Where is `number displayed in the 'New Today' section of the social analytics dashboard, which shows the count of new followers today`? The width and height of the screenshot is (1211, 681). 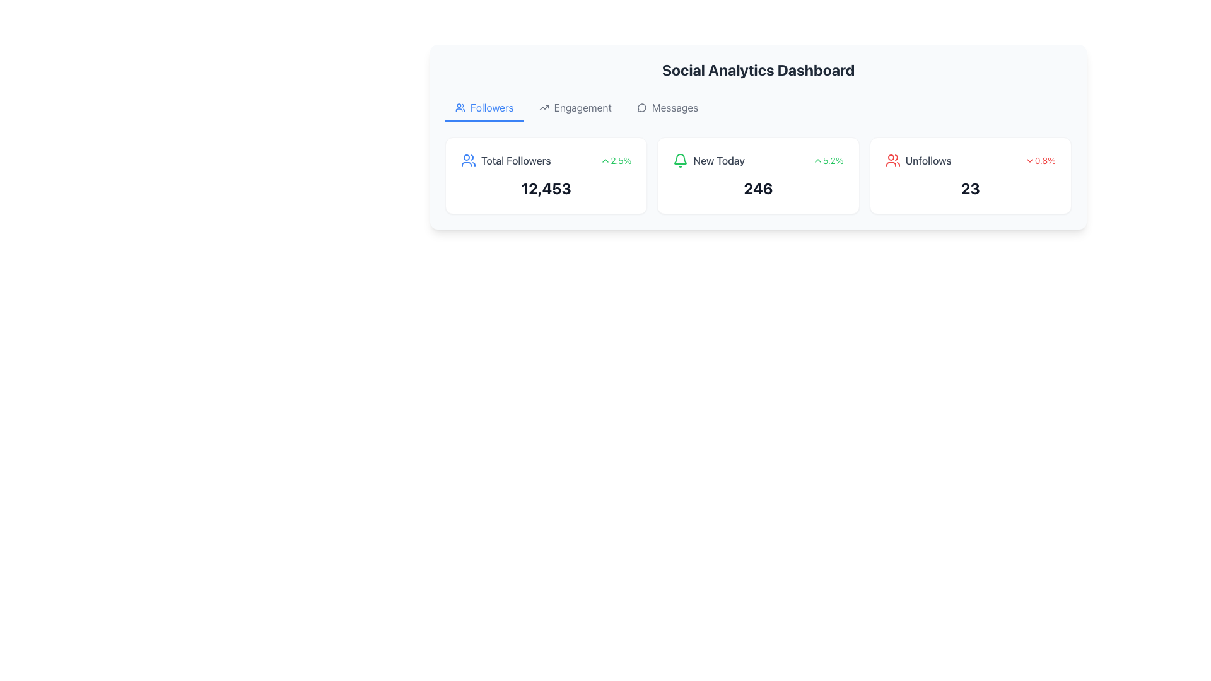
number displayed in the 'New Today' section of the social analytics dashboard, which shows the count of new followers today is located at coordinates (758, 189).